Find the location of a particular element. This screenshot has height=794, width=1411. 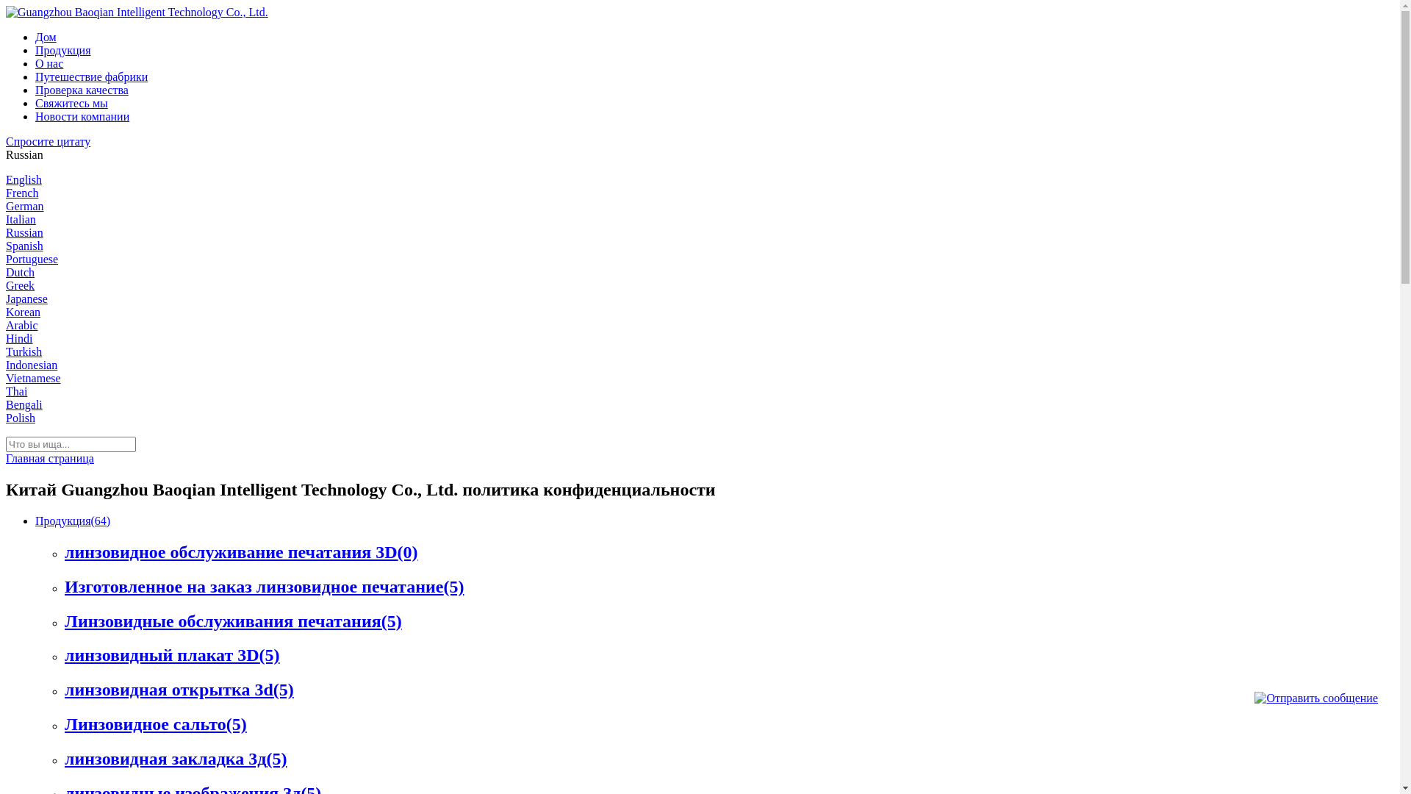

'Italian' is located at coordinates (21, 219).